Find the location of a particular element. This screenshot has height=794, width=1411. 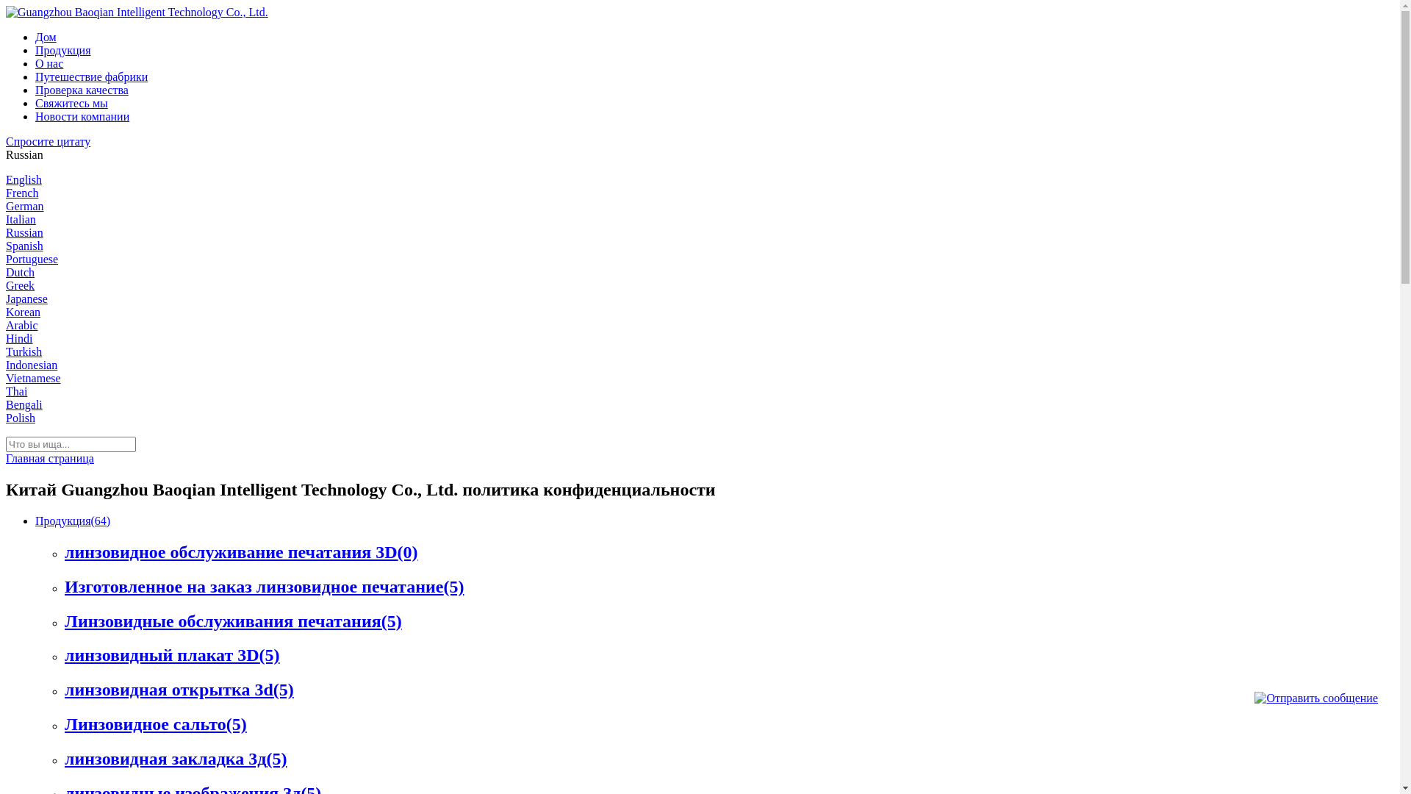

'Italian' is located at coordinates (21, 219).